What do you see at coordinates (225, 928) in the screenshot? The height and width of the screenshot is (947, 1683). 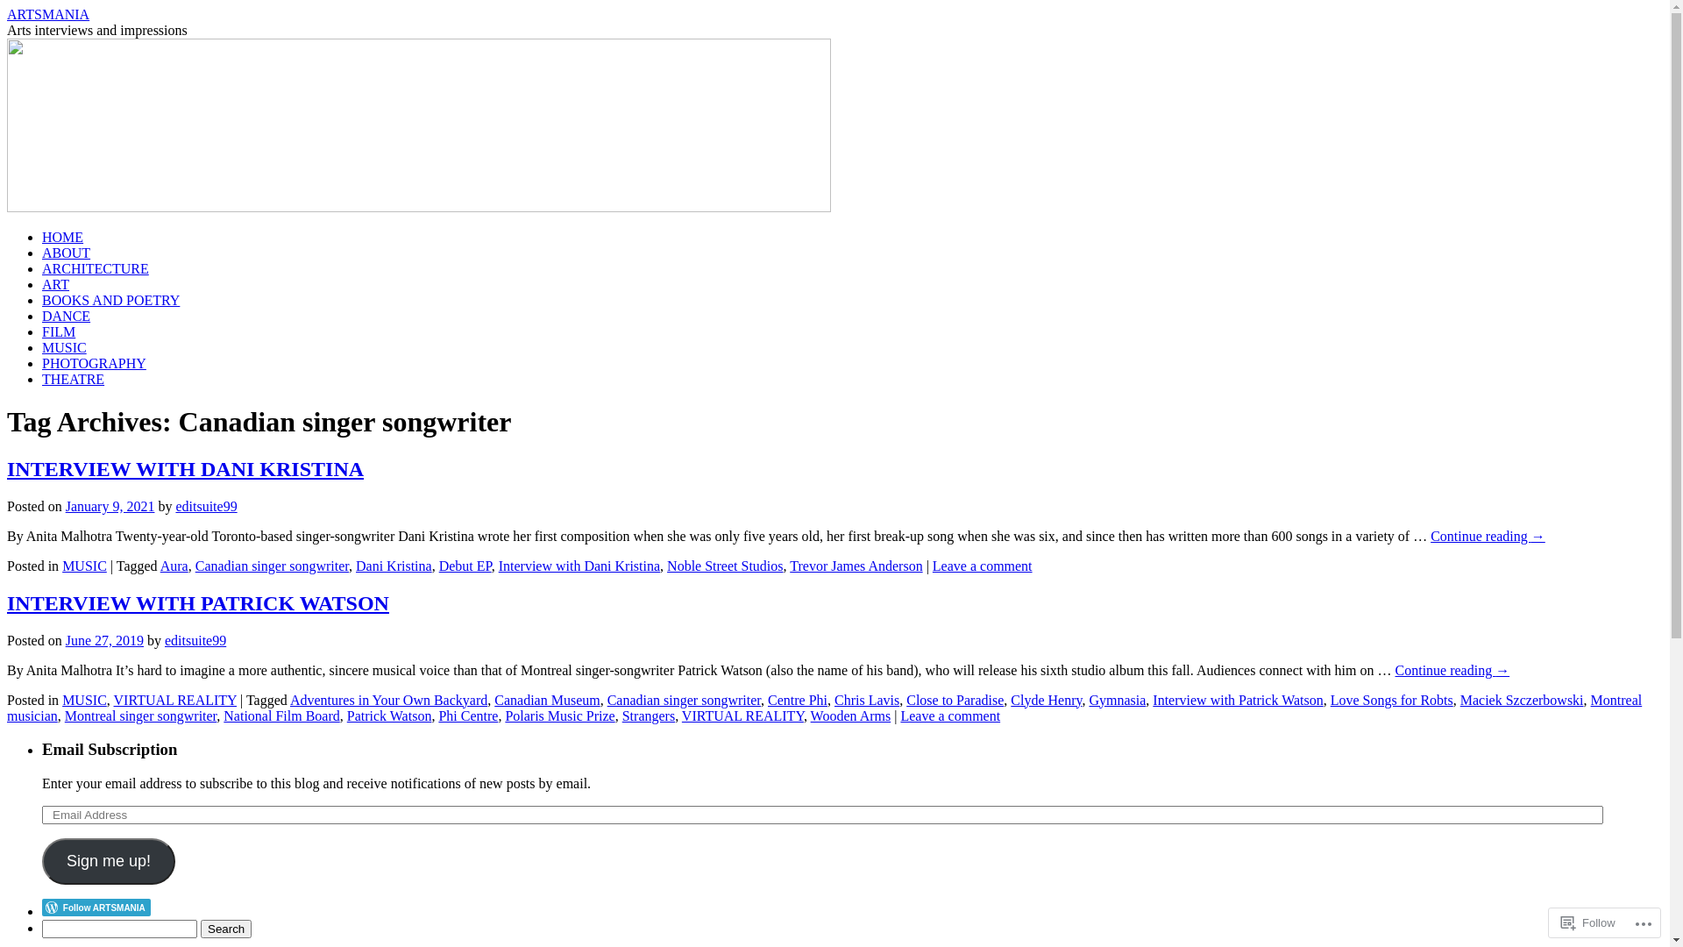 I see `'Search'` at bounding box center [225, 928].